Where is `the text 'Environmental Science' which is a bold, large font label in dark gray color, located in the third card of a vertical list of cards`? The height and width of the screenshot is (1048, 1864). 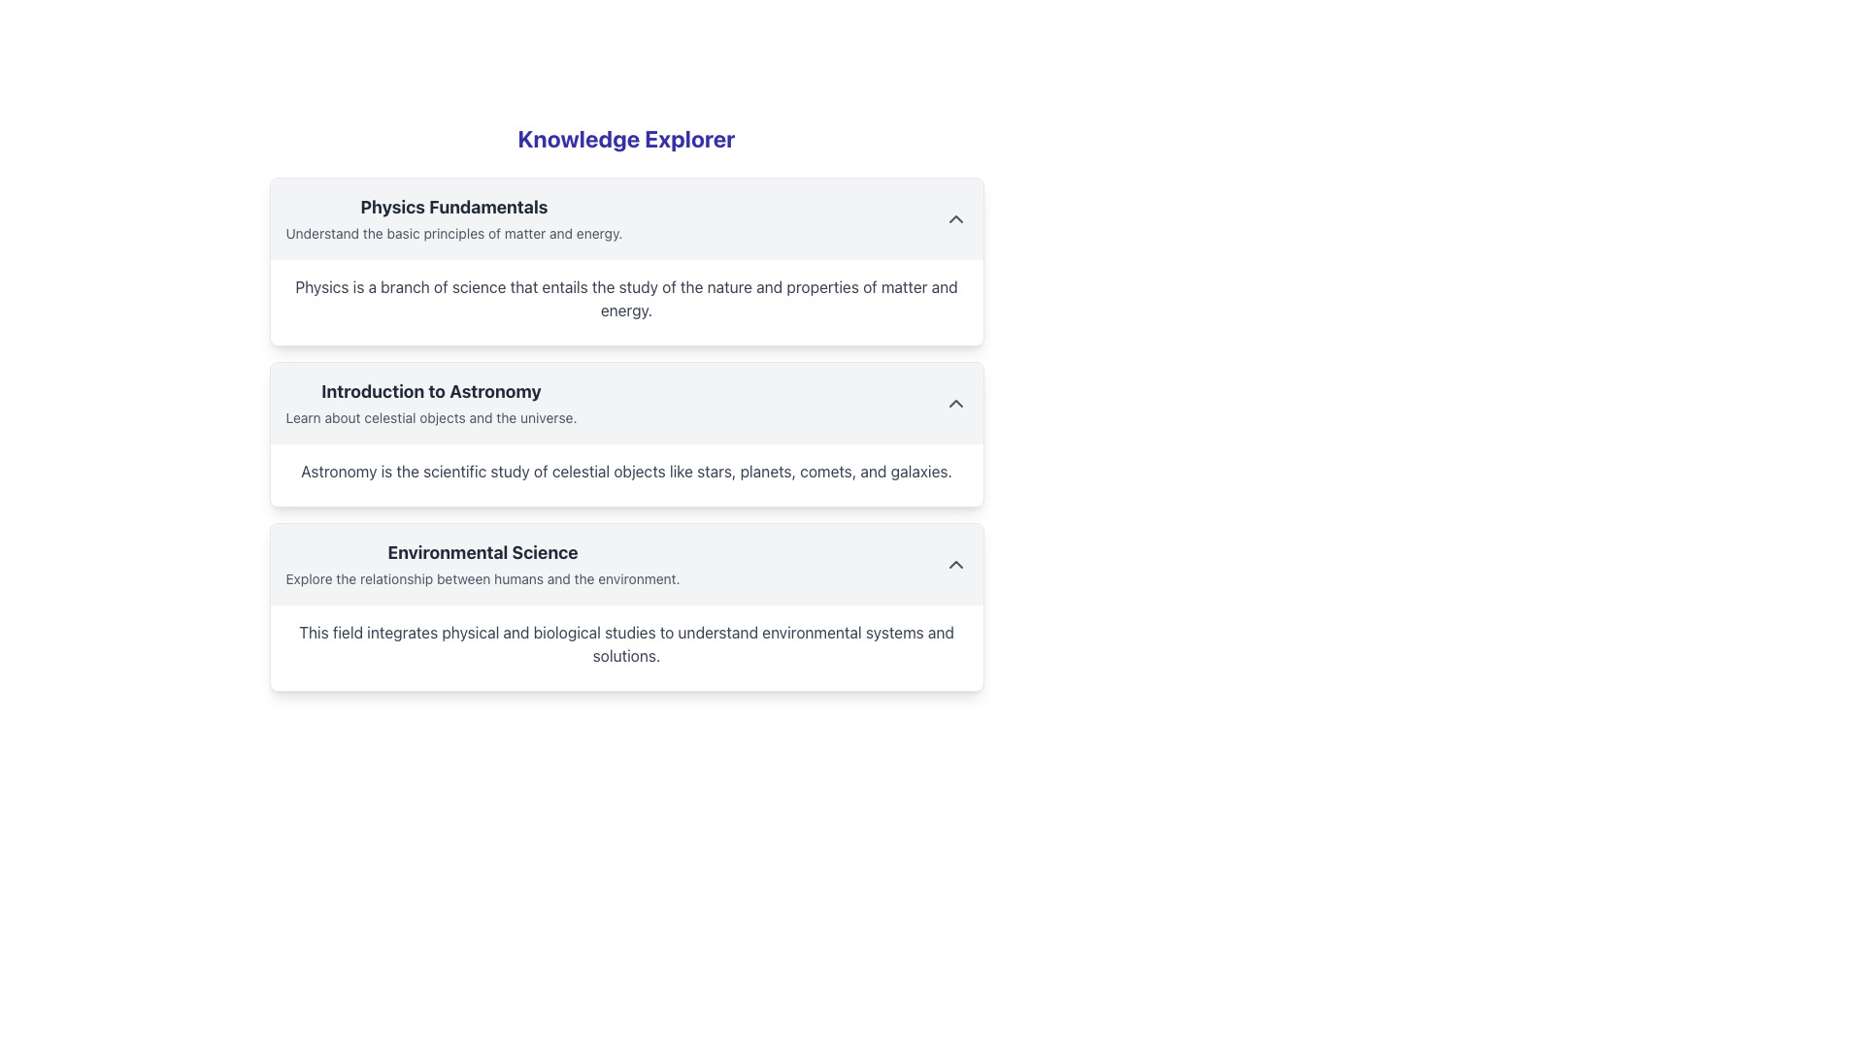
the text 'Environmental Science' which is a bold, large font label in dark gray color, located in the third card of a vertical list of cards is located at coordinates (483, 553).